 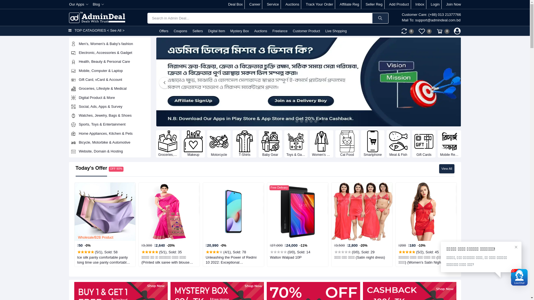 What do you see at coordinates (110, 70) in the screenshot?
I see `'Mobile, Computer & Laptop'` at bounding box center [110, 70].